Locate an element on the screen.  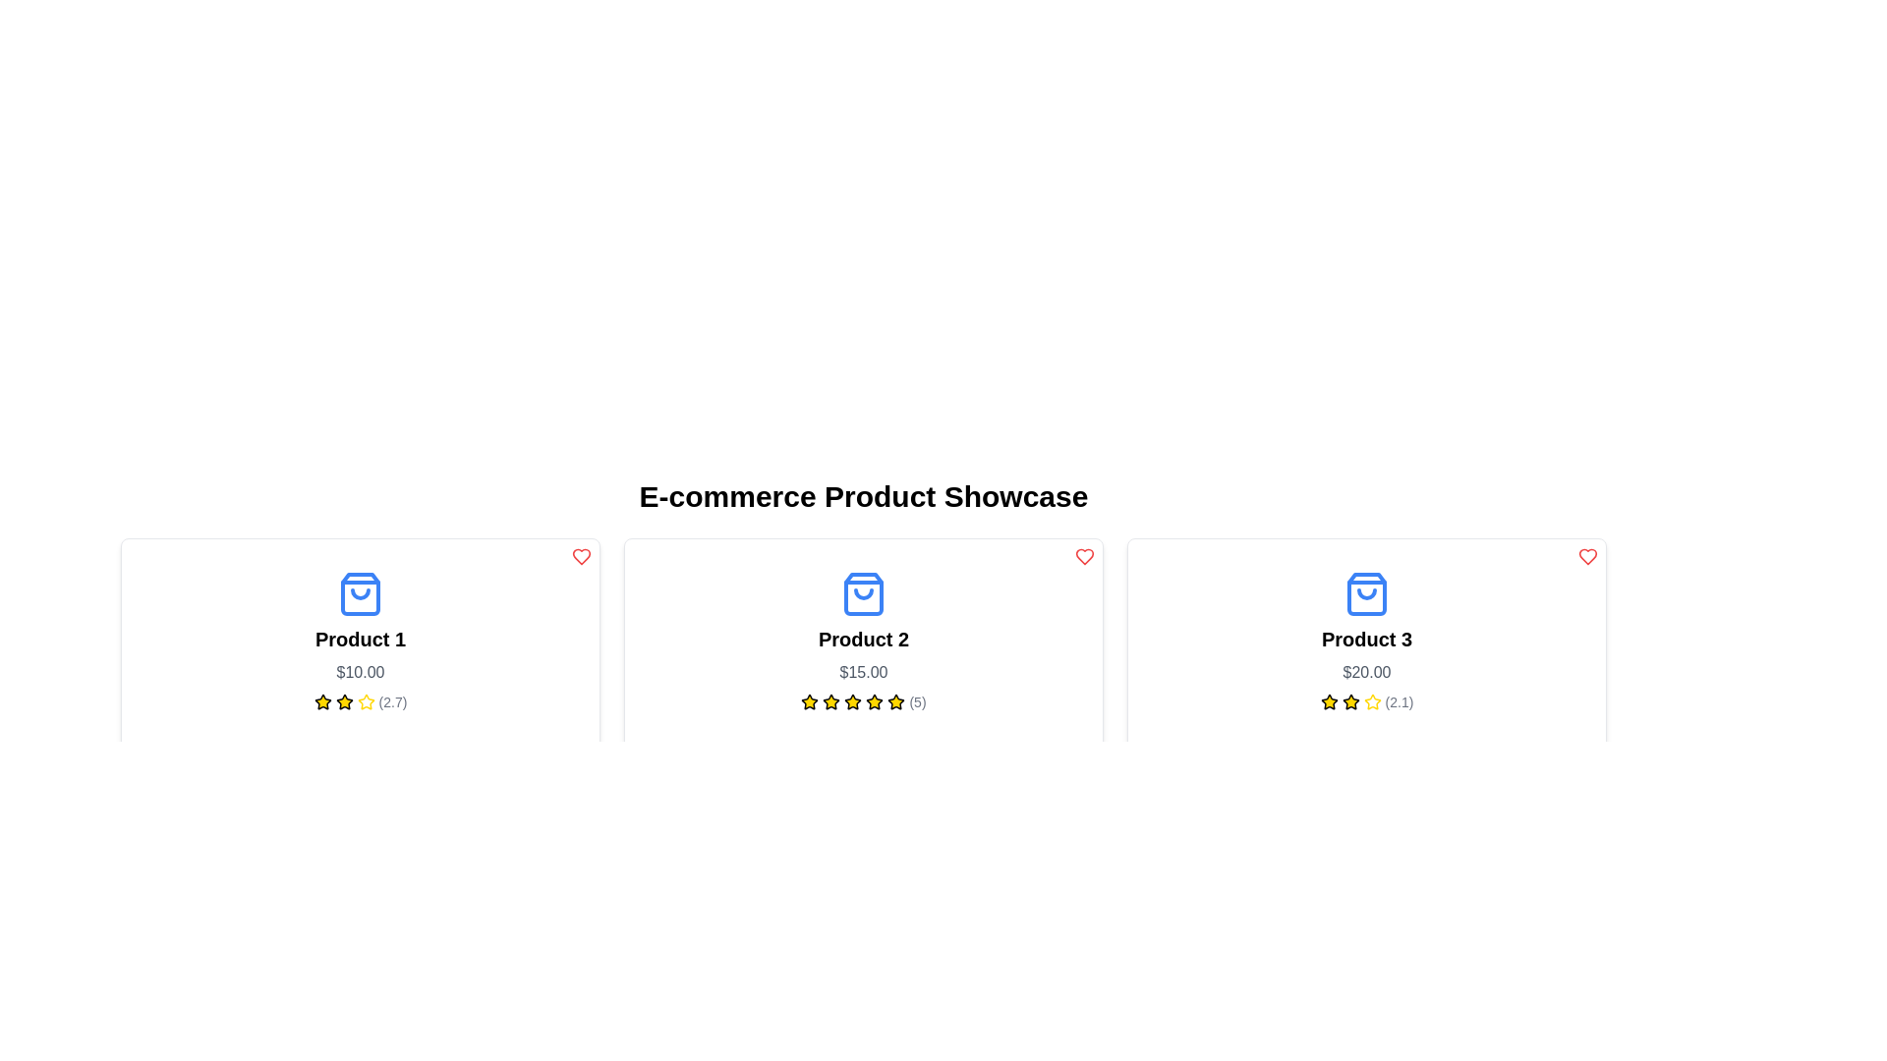
the decorative circle element centered in the SVG graphic, located at the bottom center of the layout is located at coordinates (822, 1047).